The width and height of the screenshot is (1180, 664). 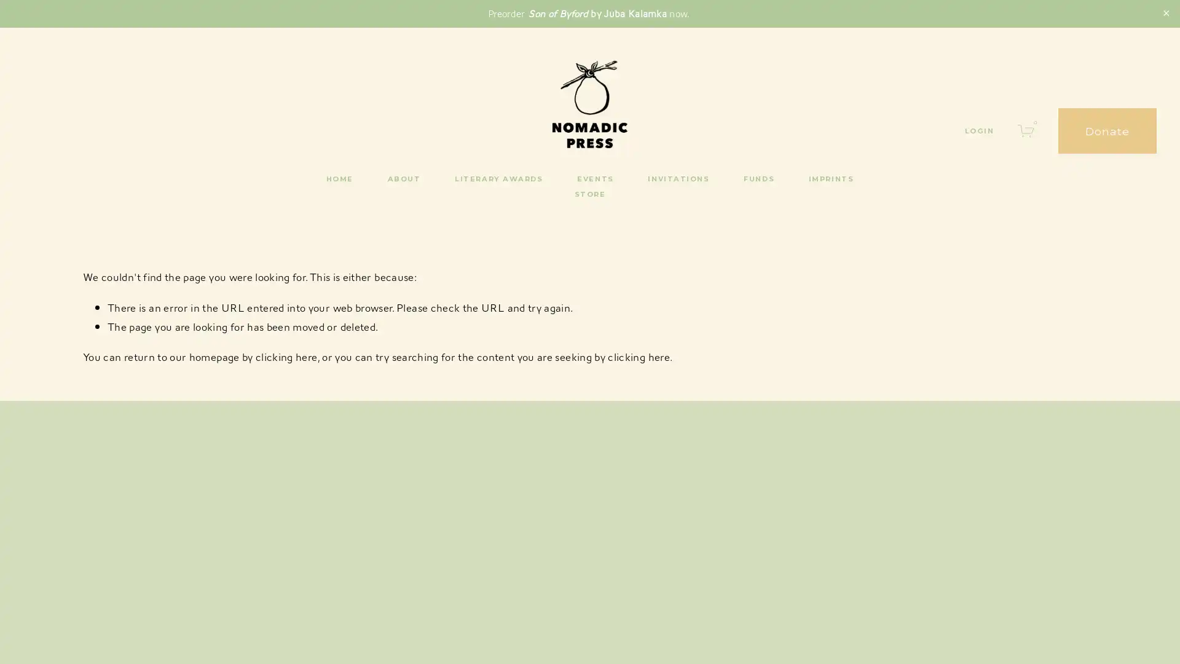 What do you see at coordinates (678, 557) in the screenshot?
I see `Sign Up` at bounding box center [678, 557].